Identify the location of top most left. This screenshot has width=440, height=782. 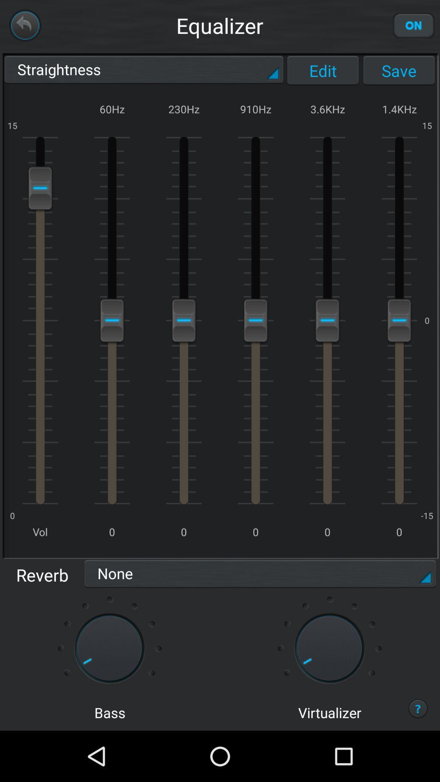
(24, 25).